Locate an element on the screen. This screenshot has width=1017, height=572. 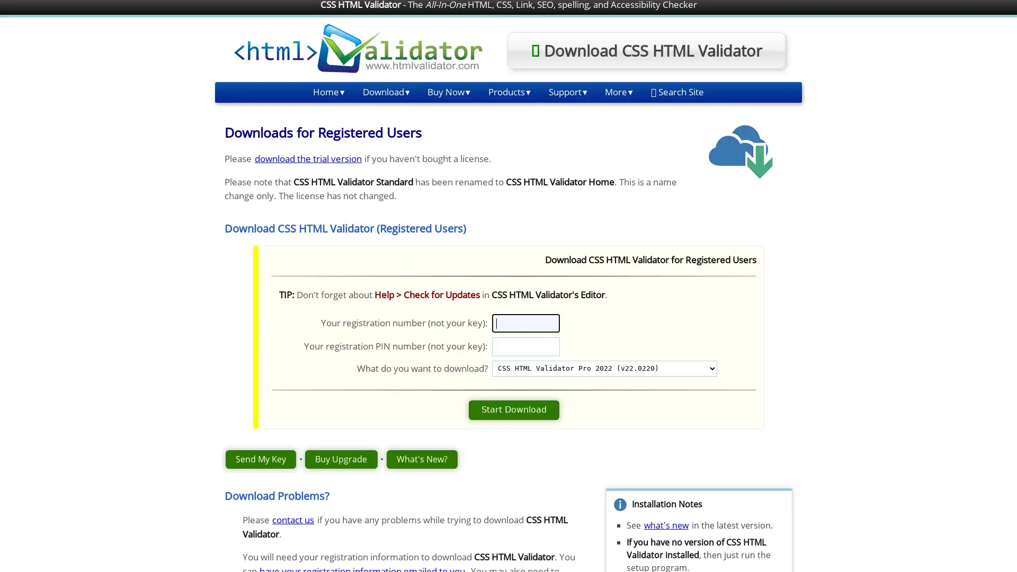
Start Download is located at coordinates (513, 409).